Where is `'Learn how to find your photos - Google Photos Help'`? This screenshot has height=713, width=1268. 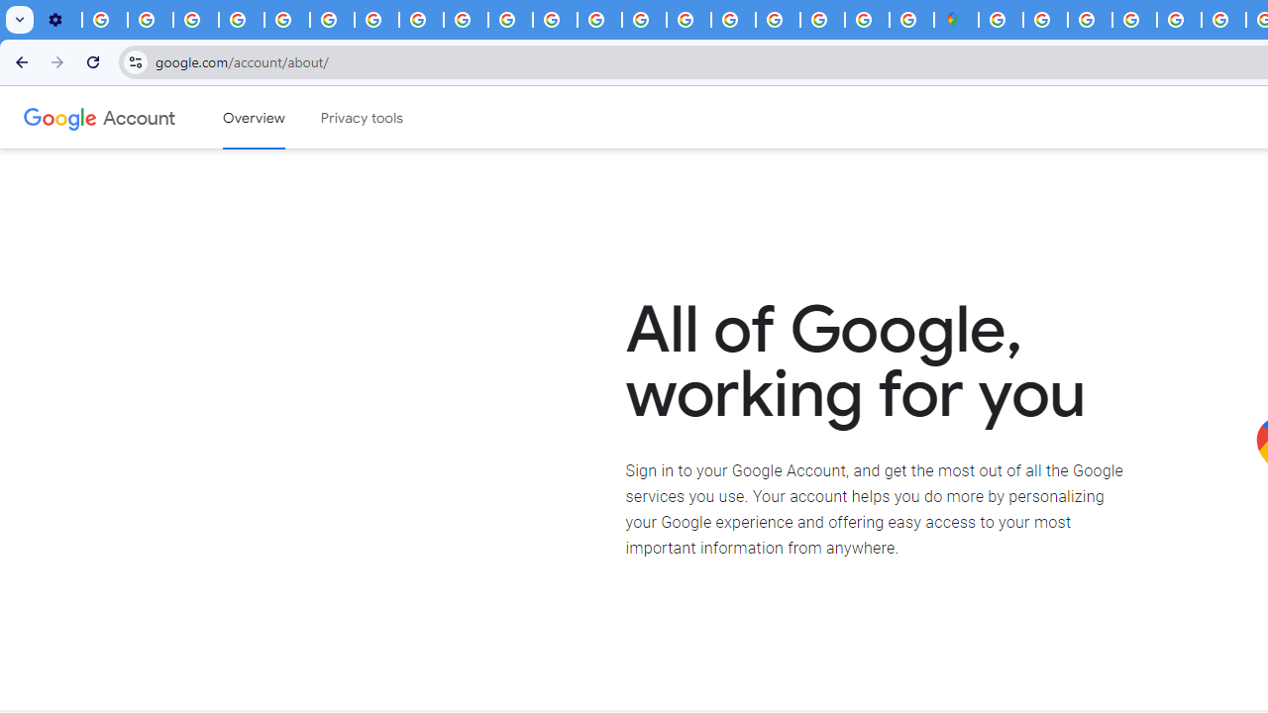
'Learn how to find your photos - Google Photos Help' is located at coordinates (150, 20).